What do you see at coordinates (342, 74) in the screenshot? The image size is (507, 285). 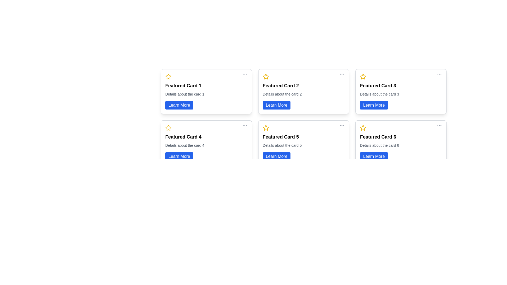 I see `the ellipsis icon button located in the upper-right corner of 'Featured Card 2'` at bounding box center [342, 74].